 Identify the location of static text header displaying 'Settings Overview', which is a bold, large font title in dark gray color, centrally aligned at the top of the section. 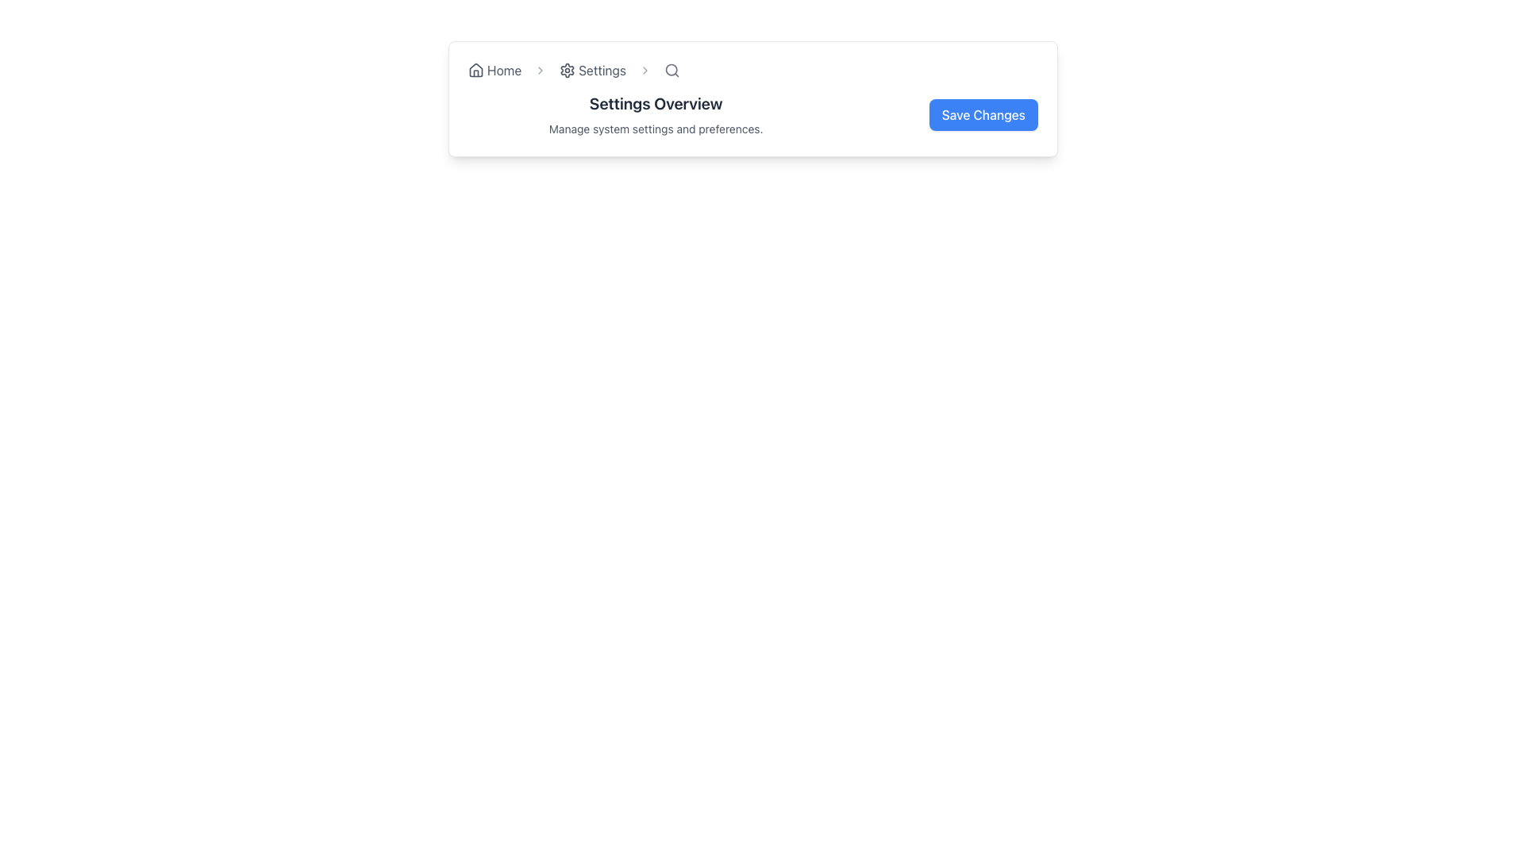
(656, 104).